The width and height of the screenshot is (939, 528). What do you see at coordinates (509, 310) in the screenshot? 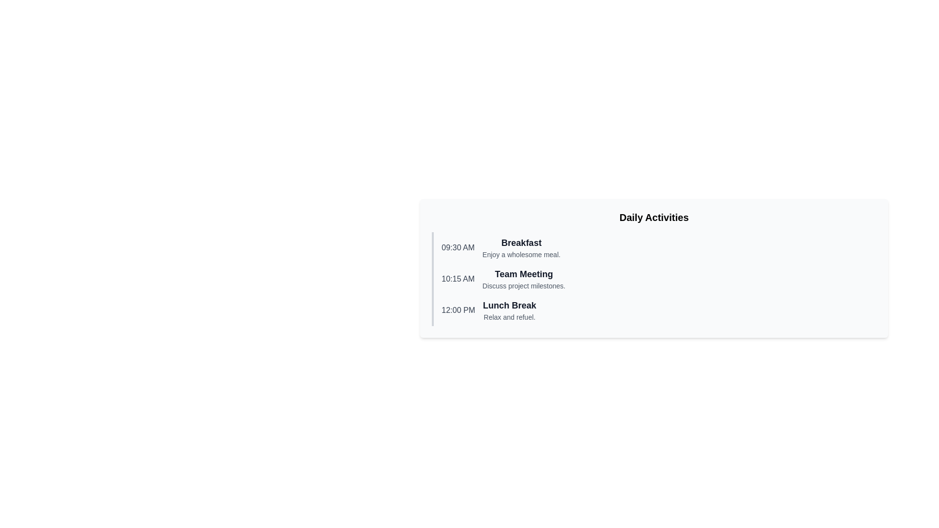
I see `the 'Lunch Break' label with description in the schedule interface, which features bold text 'Lunch Break' and smaller text 'Relax and refuel.'` at bounding box center [509, 310].